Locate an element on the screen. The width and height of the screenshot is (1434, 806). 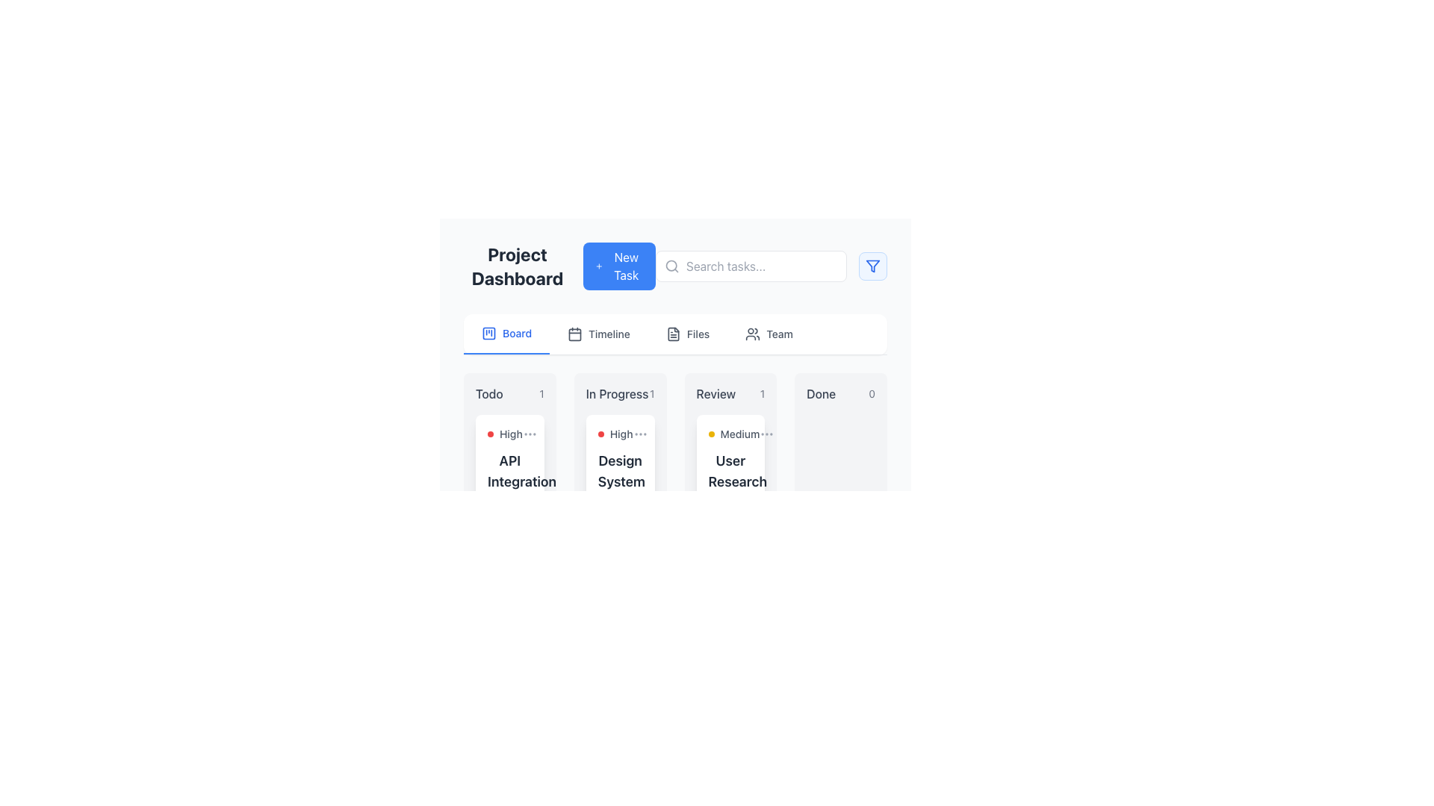
the text label representing a navigation link for the timeline feature located in the second position of the navigation bar, to the right of the calendar icon is located at coordinates (609, 333).